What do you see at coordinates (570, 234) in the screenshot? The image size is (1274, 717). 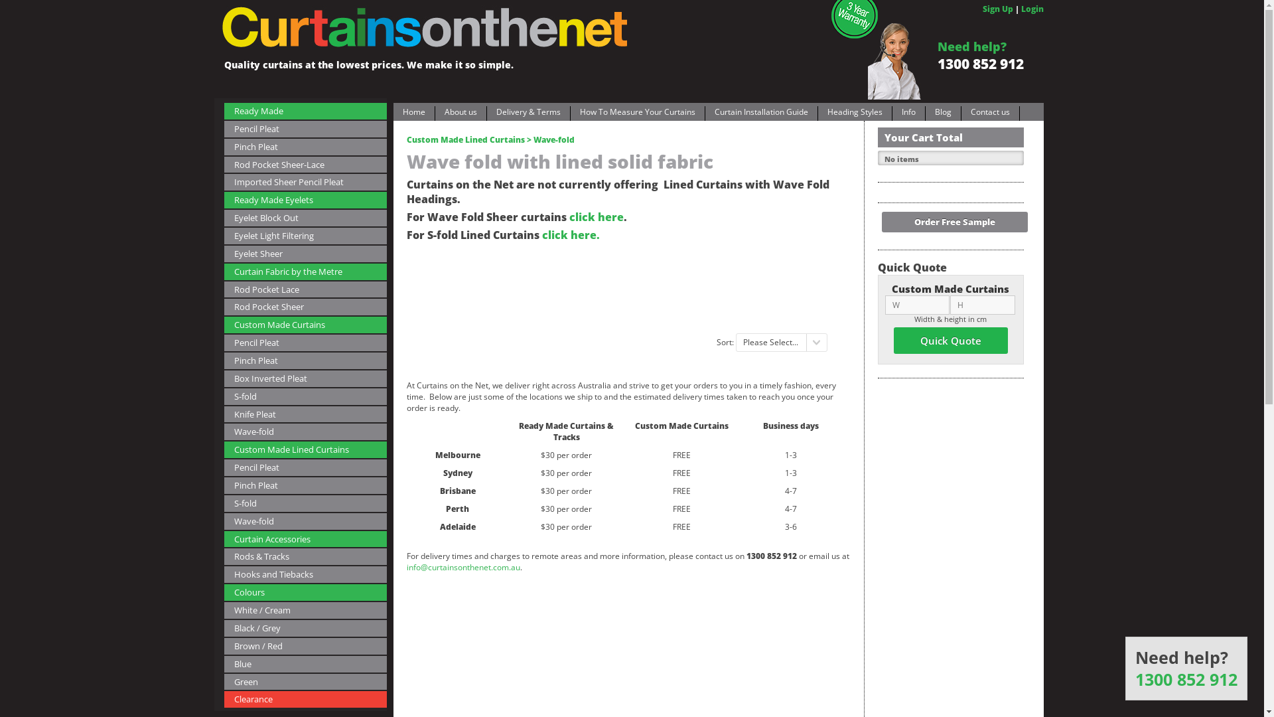 I see `'click here.'` at bounding box center [570, 234].